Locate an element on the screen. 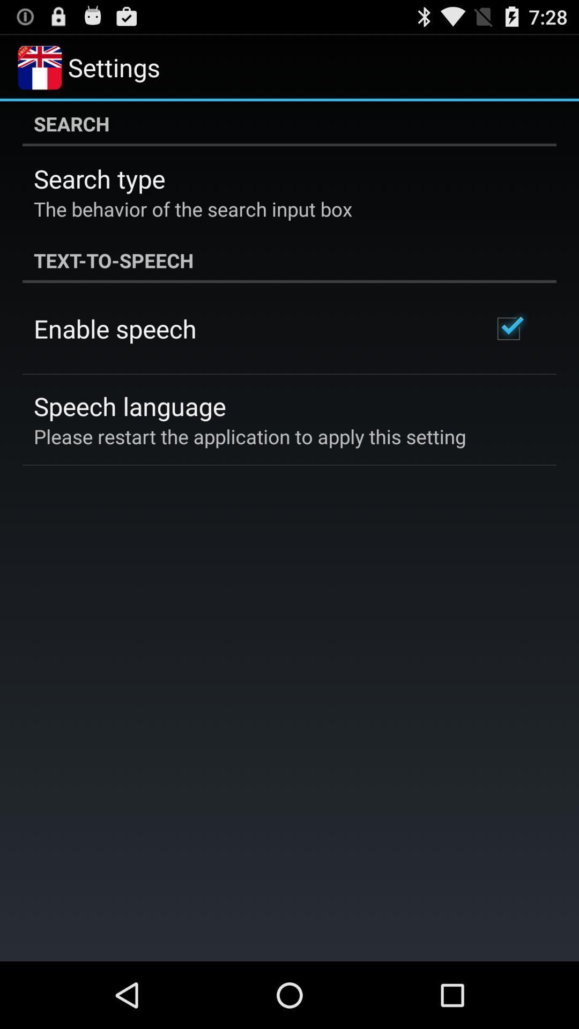  the icon below the enable speech is located at coordinates (129, 405).